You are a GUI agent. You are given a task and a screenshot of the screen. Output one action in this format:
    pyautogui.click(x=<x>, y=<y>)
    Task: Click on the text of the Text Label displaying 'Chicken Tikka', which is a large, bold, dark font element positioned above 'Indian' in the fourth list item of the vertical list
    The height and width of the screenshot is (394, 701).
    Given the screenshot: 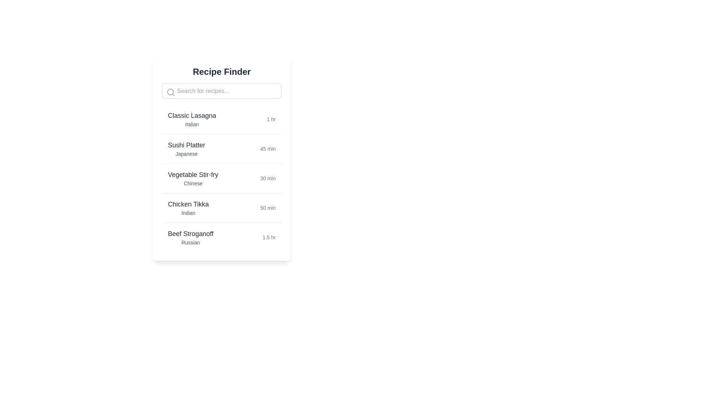 What is the action you would take?
    pyautogui.click(x=188, y=204)
    